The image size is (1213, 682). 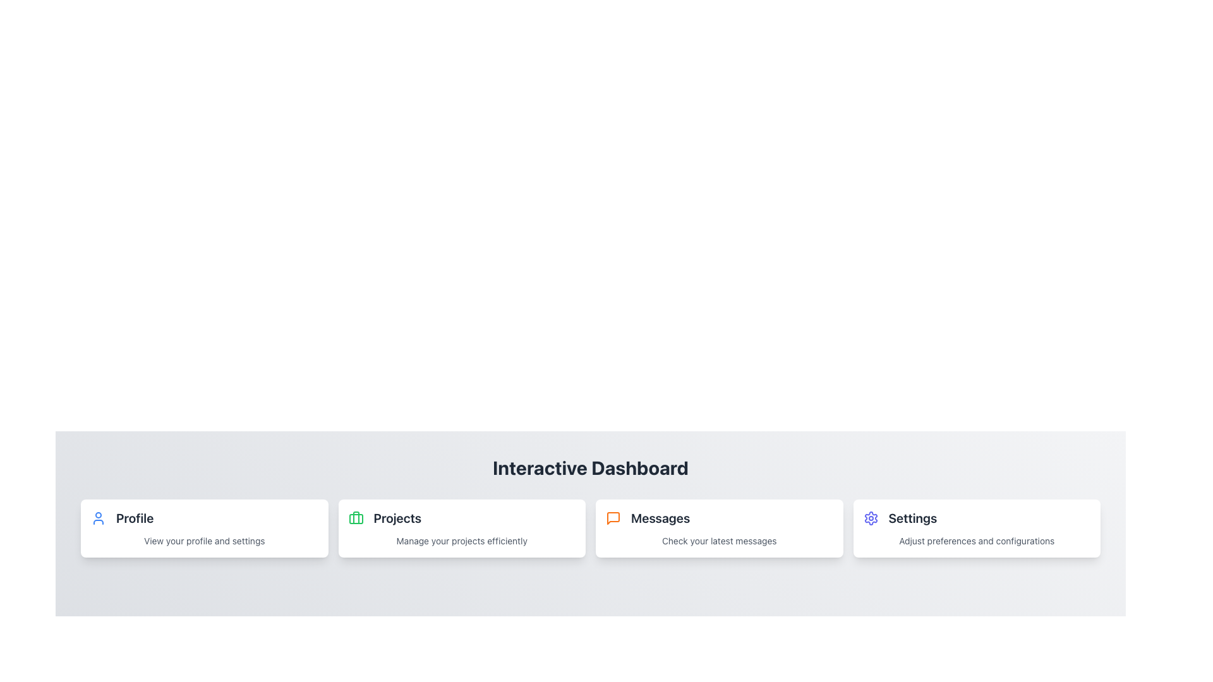 What do you see at coordinates (355, 518) in the screenshot?
I see `the green briefcase icon representing the 'Projects' section to identify its associated section` at bounding box center [355, 518].